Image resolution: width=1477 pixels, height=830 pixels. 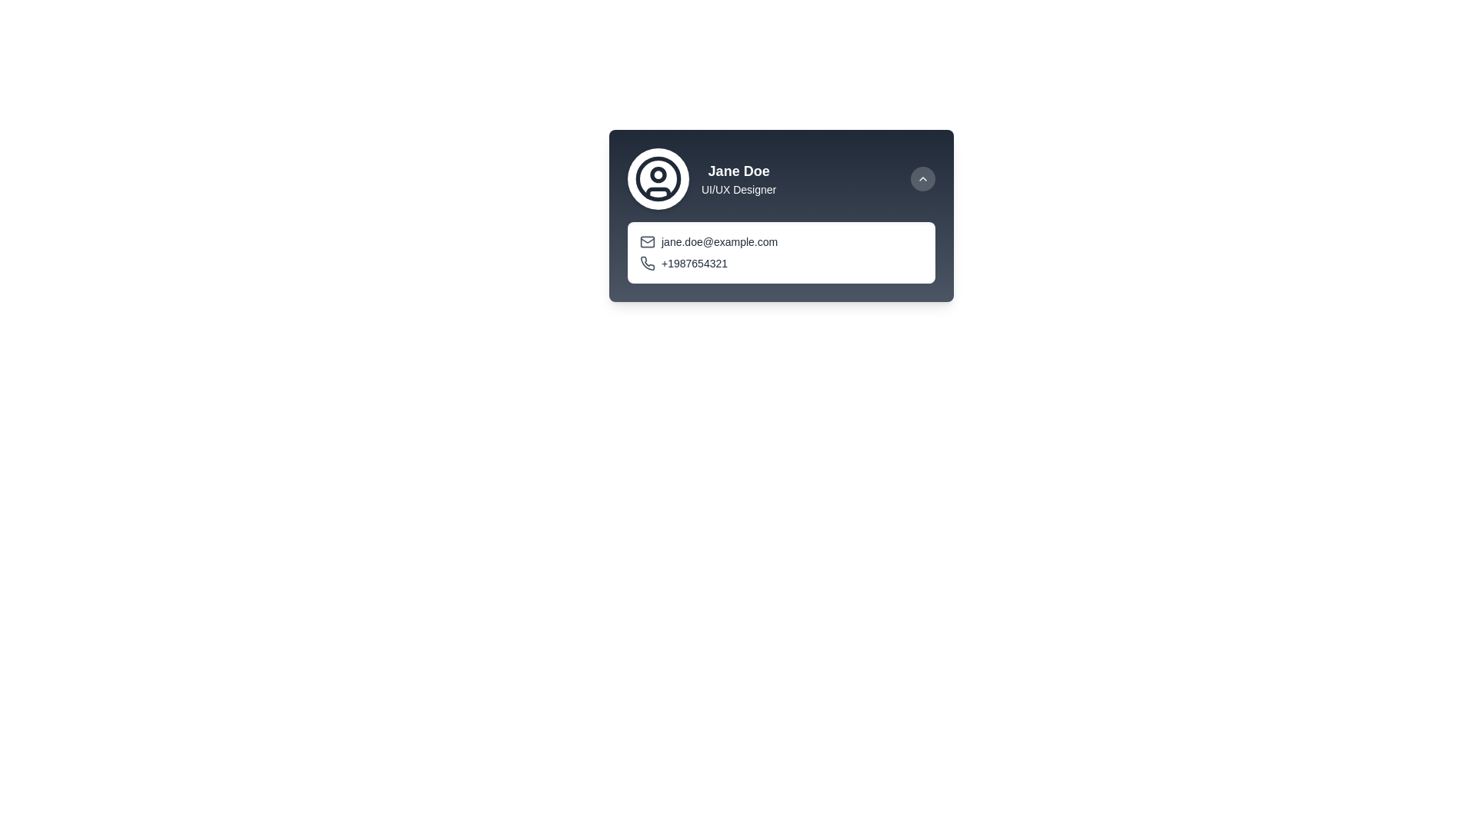 I want to click on the static text block displaying the user's name and designation, located in the top right section of the card interface, directly to the right of the user profile icon, so click(x=738, y=178).